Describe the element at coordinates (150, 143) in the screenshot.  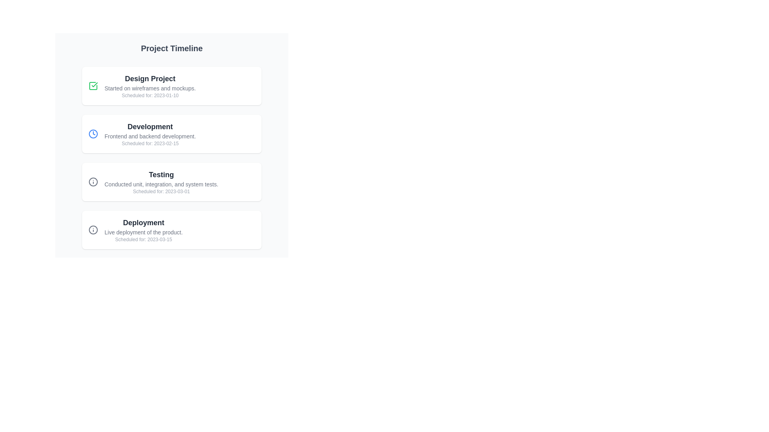
I see `the text label that provides schedule information for the 'Development' phase, located below the description 'Frontend and backend development.'` at that location.